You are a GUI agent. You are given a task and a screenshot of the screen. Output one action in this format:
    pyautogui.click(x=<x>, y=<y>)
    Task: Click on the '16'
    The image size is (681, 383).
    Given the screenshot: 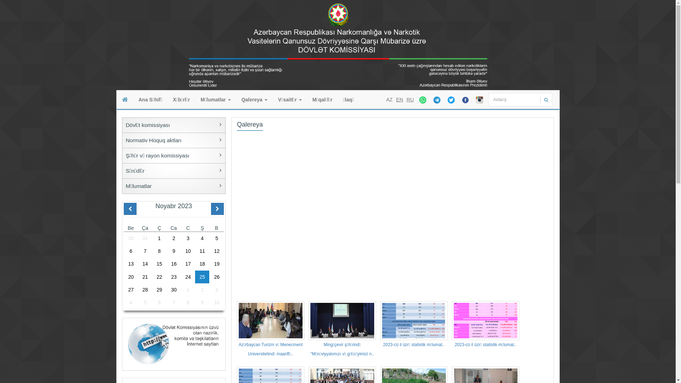 What is the action you would take?
    pyautogui.click(x=173, y=264)
    